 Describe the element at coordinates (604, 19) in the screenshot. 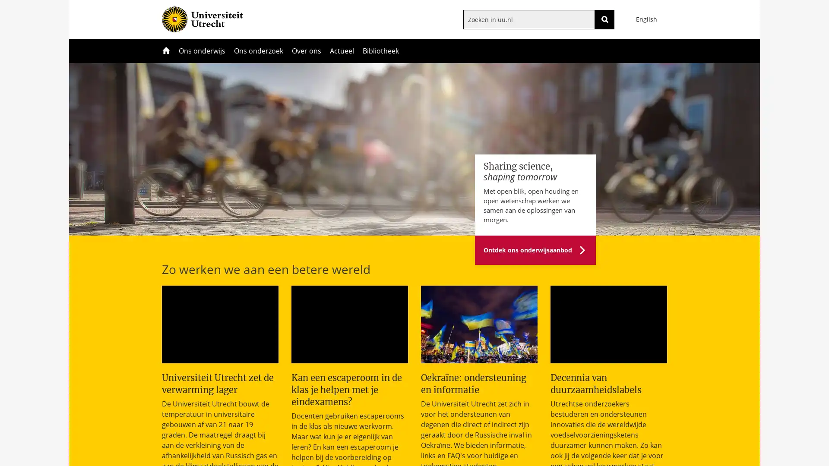

I see `ZOEKEN` at that location.